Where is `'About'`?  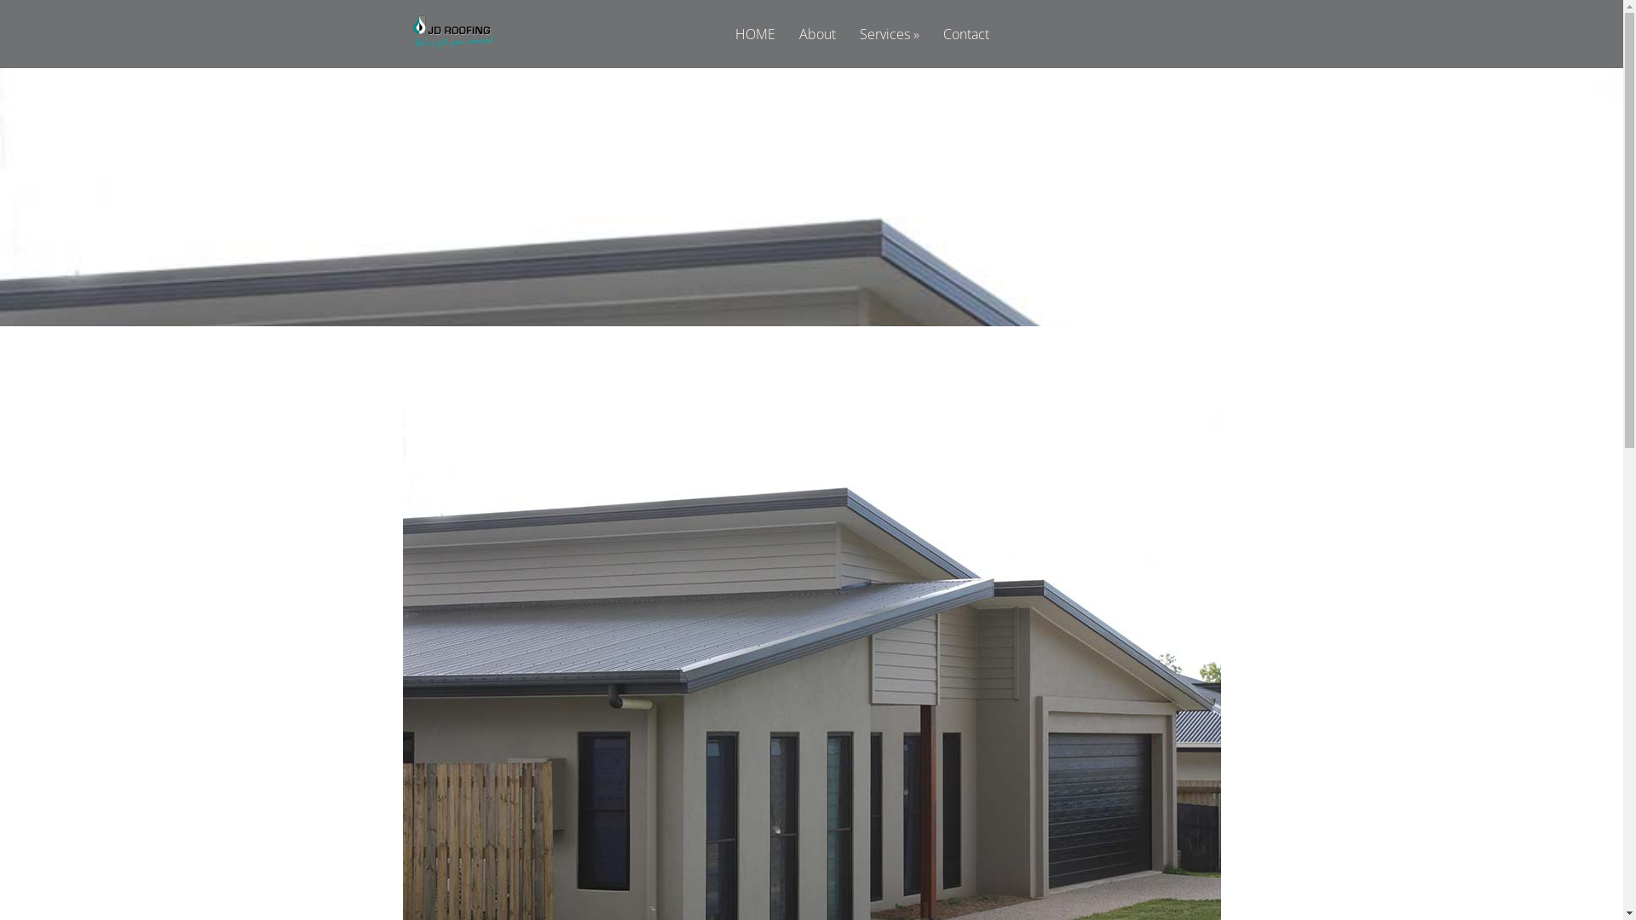
'About' is located at coordinates (816, 47).